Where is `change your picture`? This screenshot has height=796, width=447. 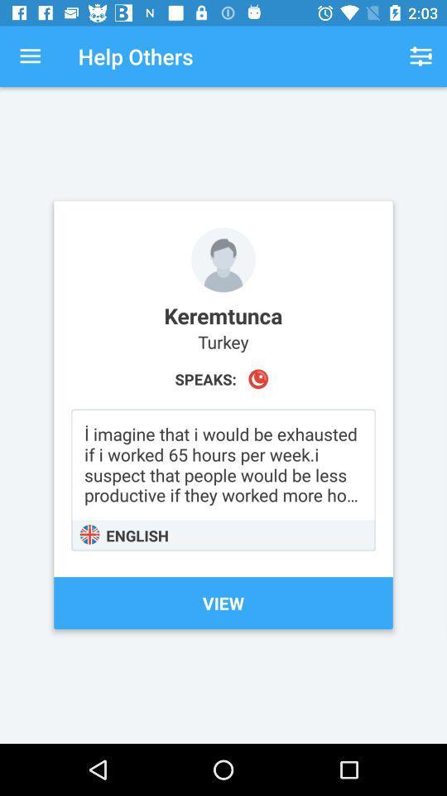 change your picture is located at coordinates (223, 260).